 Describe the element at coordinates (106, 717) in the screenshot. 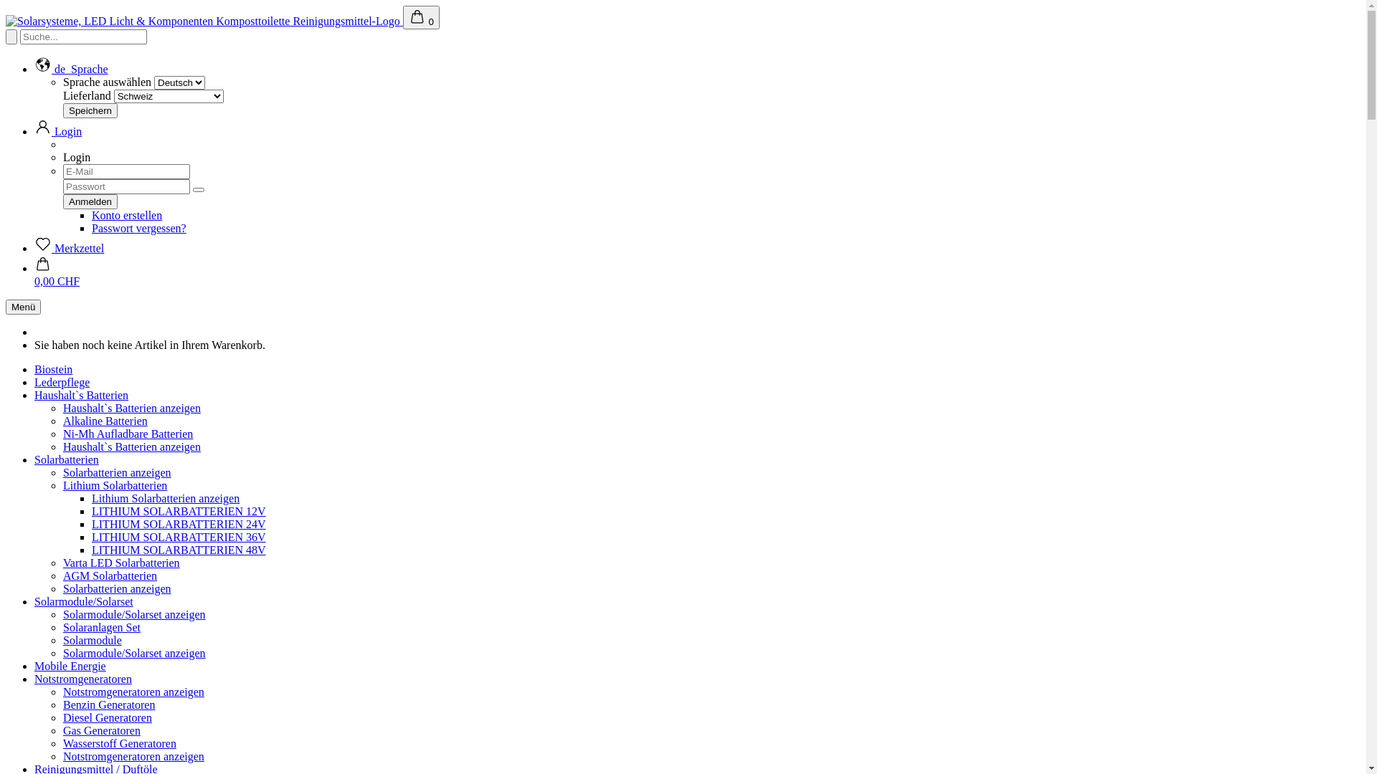

I see `'Diesel Generatoren'` at that location.